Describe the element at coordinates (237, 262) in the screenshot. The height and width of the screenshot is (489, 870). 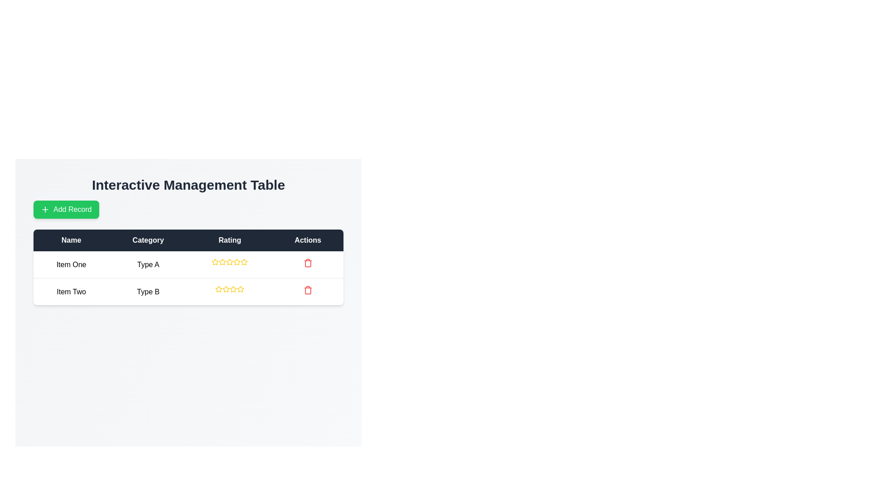
I see `the fifth star icon in the rating system for 'Item One'` at that location.